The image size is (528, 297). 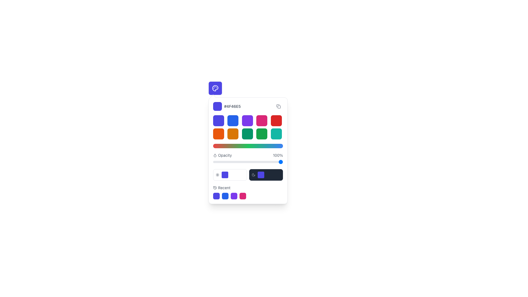 I want to click on the opacity slider, so click(x=235, y=162).